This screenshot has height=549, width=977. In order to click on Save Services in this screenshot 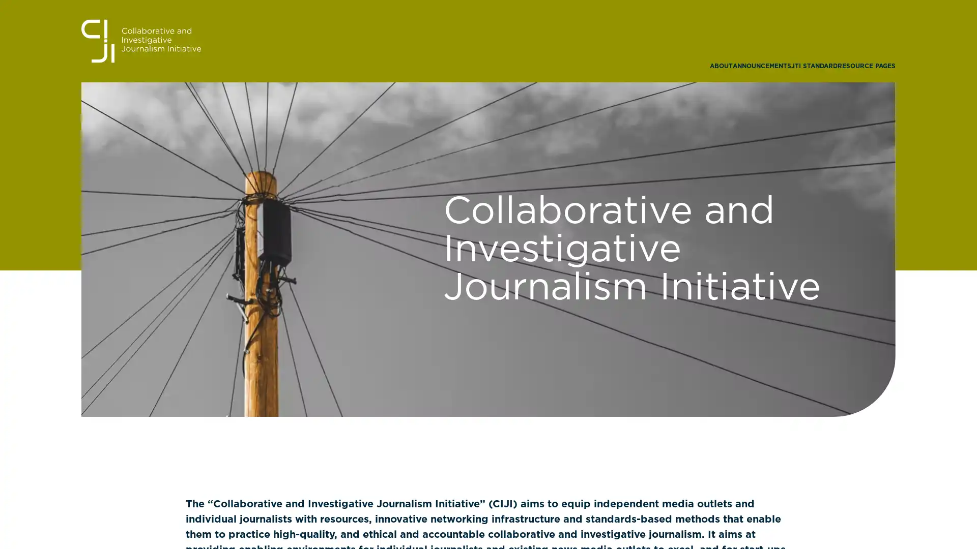, I will do `click(388, 345)`.